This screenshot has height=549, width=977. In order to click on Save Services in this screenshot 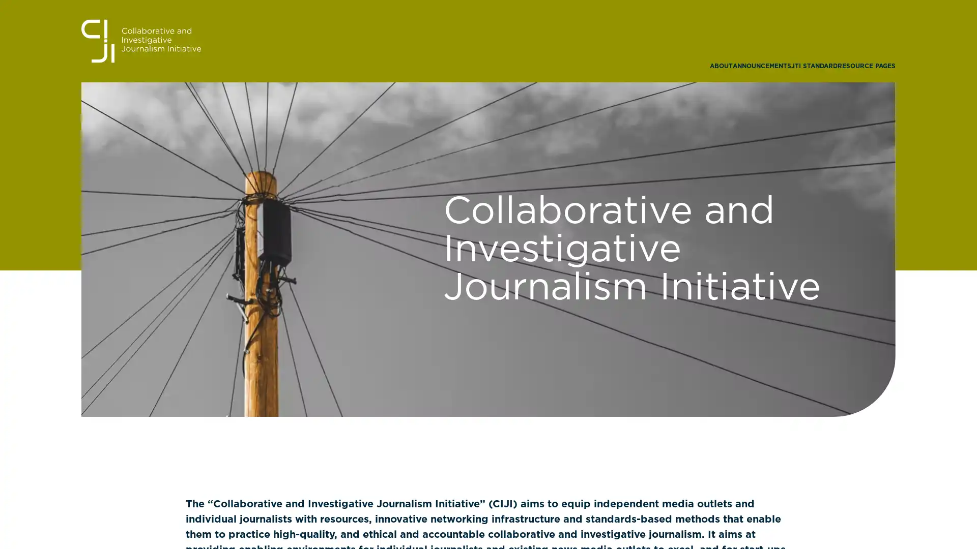, I will do `click(388, 345)`.